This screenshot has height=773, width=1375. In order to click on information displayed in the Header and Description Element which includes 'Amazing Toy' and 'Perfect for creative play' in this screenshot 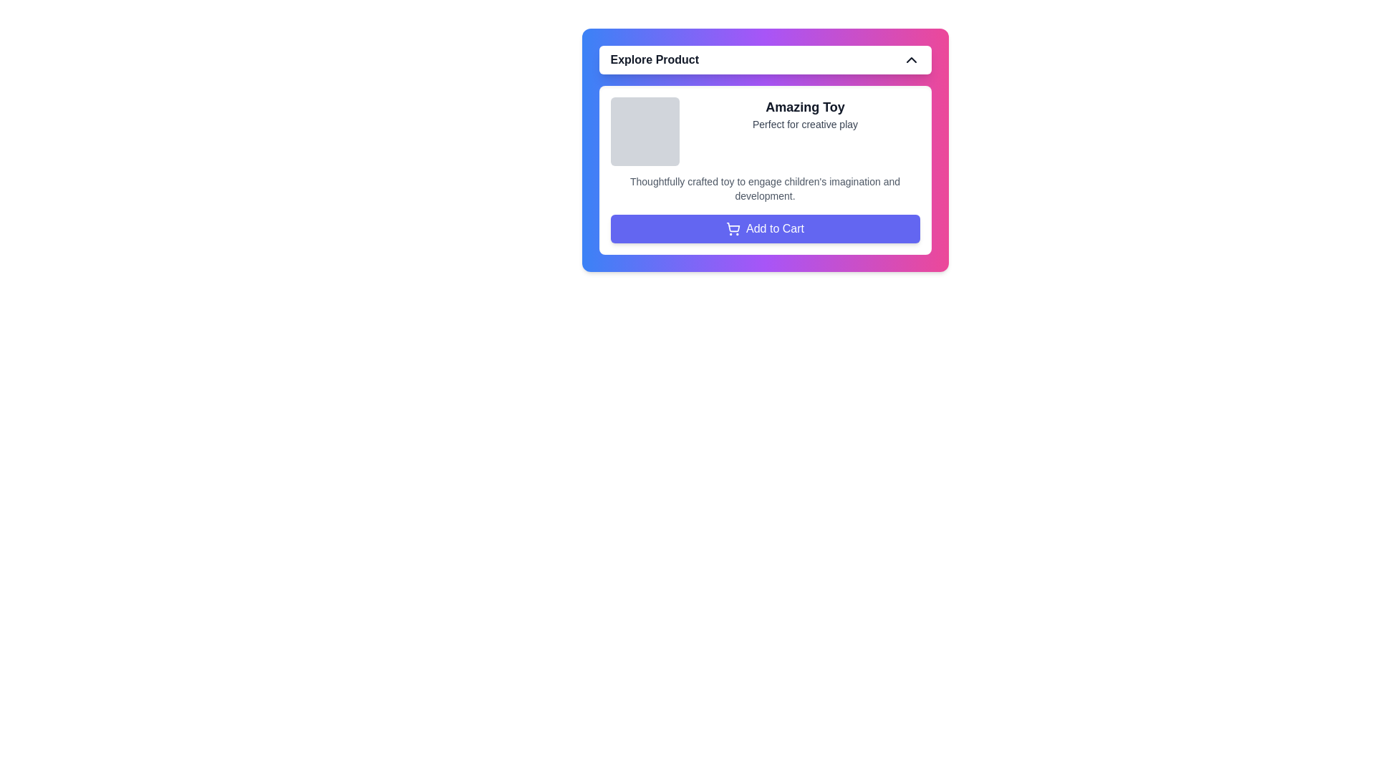, I will do `click(764, 132)`.